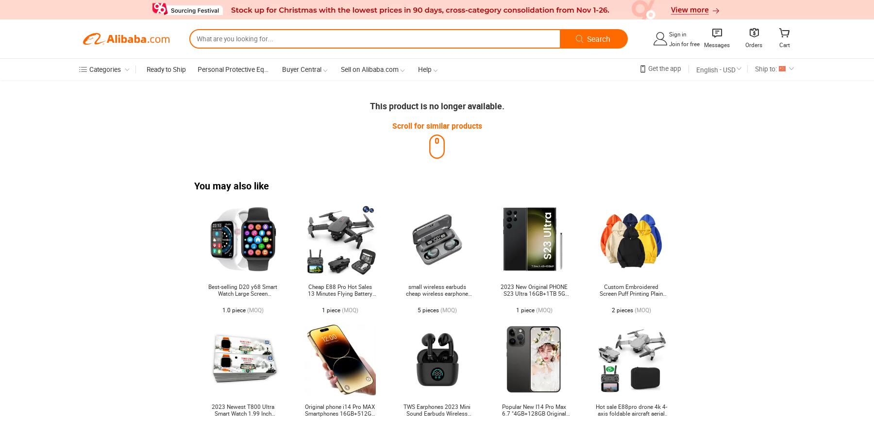 The image size is (874, 422). Describe the element at coordinates (754, 44) in the screenshot. I see `'Orders'` at that location.